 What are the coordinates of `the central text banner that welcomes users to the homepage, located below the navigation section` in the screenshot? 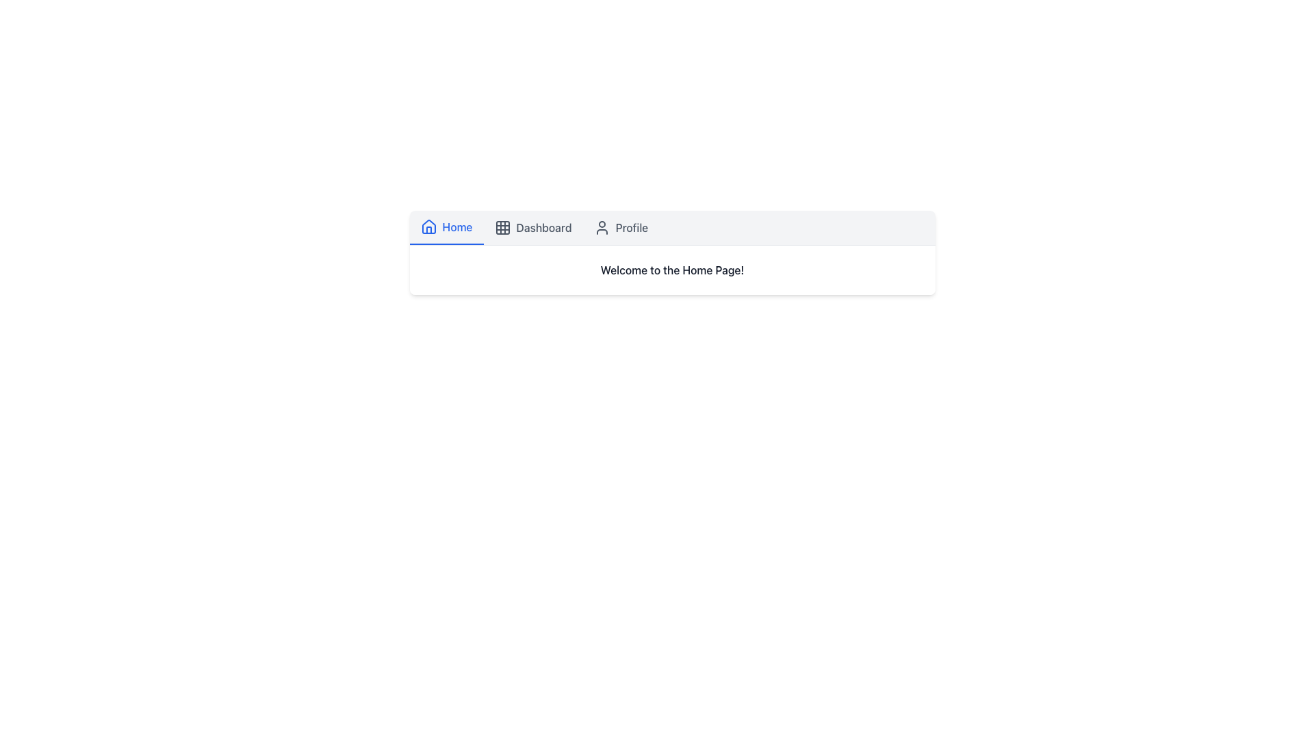 It's located at (672, 270).